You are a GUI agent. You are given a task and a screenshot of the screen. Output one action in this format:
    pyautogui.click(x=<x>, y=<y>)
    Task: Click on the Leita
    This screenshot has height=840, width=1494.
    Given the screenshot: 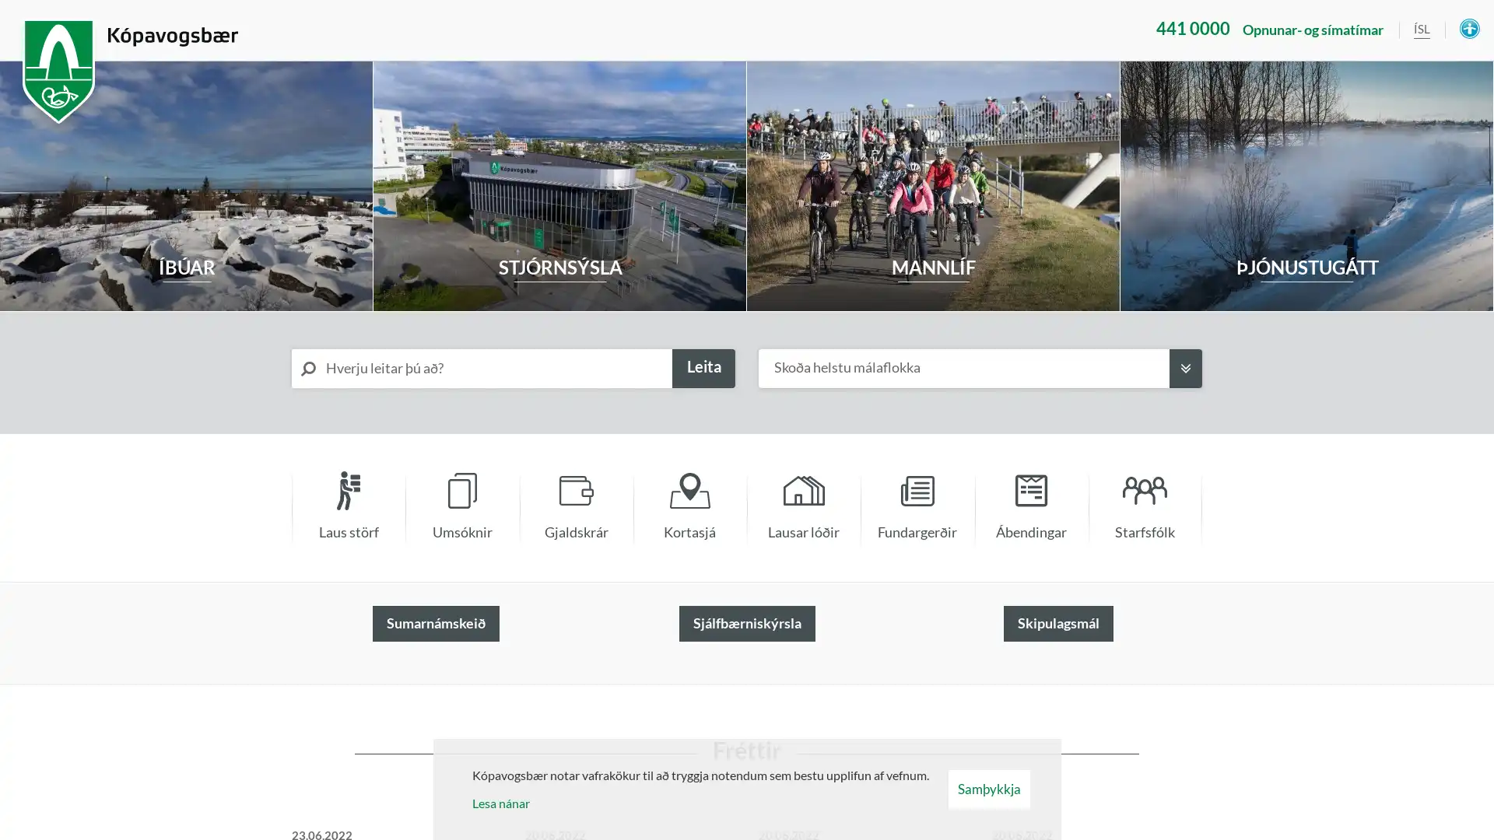 What is the action you would take?
    pyautogui.click(x=703, y=369)
    